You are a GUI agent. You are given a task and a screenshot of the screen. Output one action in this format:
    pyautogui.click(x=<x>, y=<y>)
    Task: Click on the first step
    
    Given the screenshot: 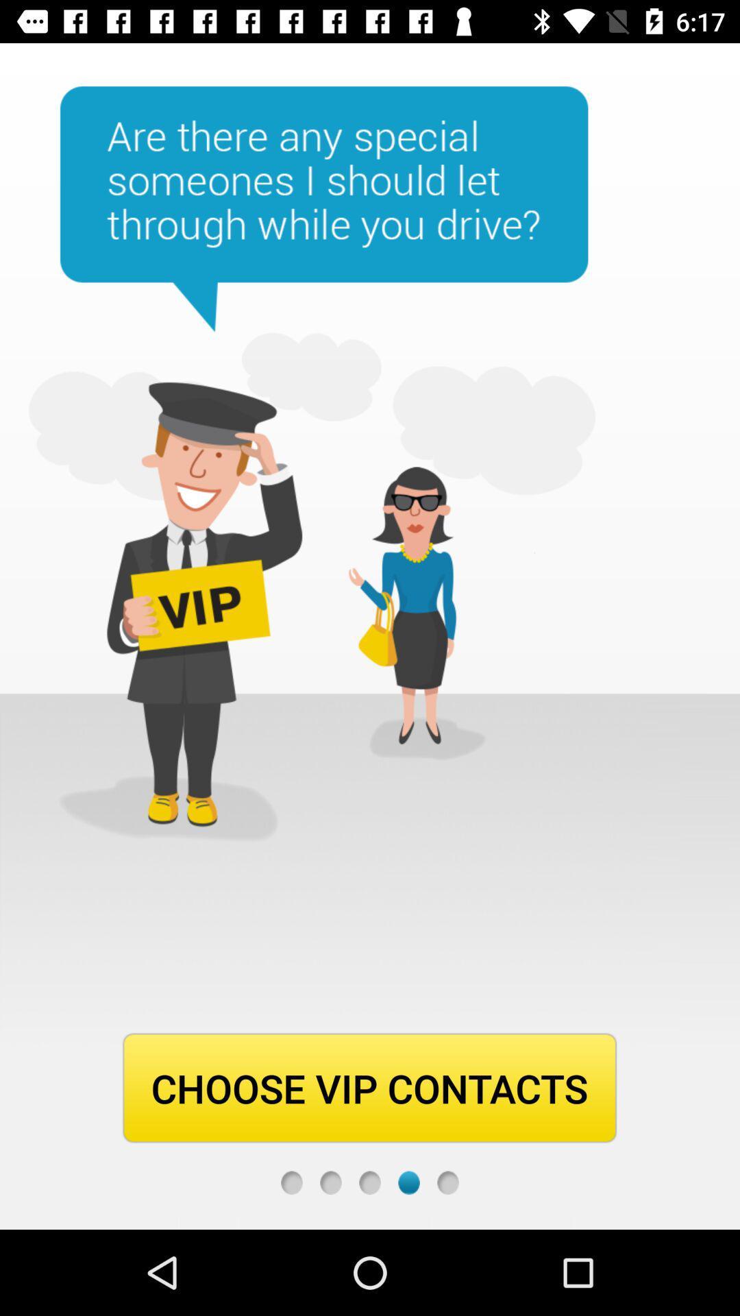 What is the action you would take?
    pyautogui.click(x=291, y=1182)
    